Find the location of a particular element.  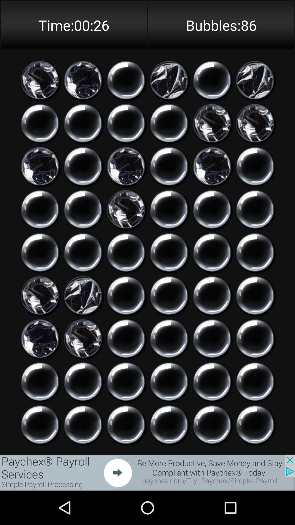

click on bubble is located at coordinates (255, 381).